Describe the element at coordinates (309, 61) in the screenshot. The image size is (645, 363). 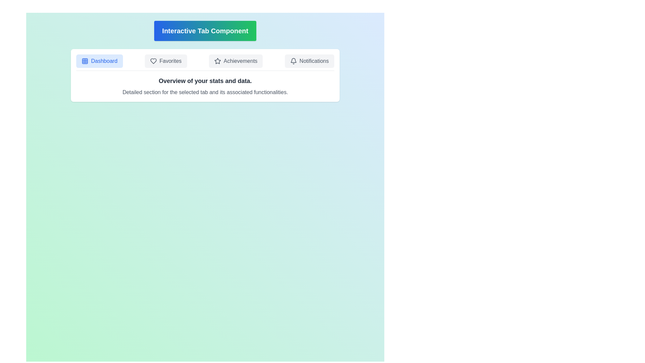
I see `the tab labeled Notifications to view its associated content` at that location.